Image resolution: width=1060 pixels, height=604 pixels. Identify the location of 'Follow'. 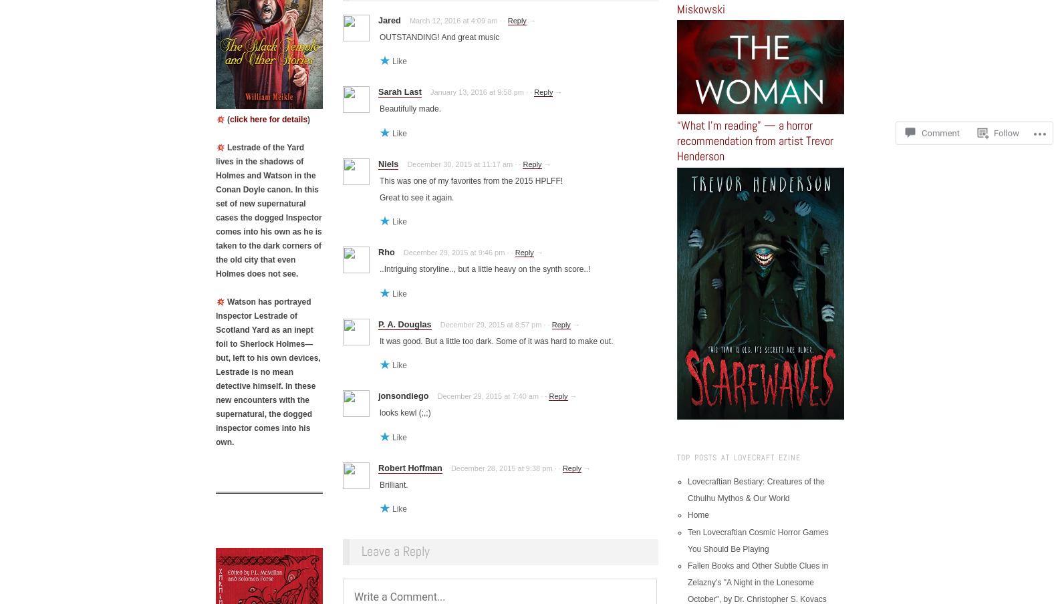
(994, 109).